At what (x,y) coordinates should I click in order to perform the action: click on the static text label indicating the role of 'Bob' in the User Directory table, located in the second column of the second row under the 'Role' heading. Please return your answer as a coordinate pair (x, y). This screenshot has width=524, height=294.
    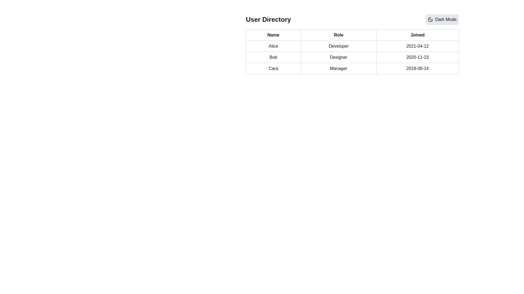
    Looking at the image, I should click on (338, 57).